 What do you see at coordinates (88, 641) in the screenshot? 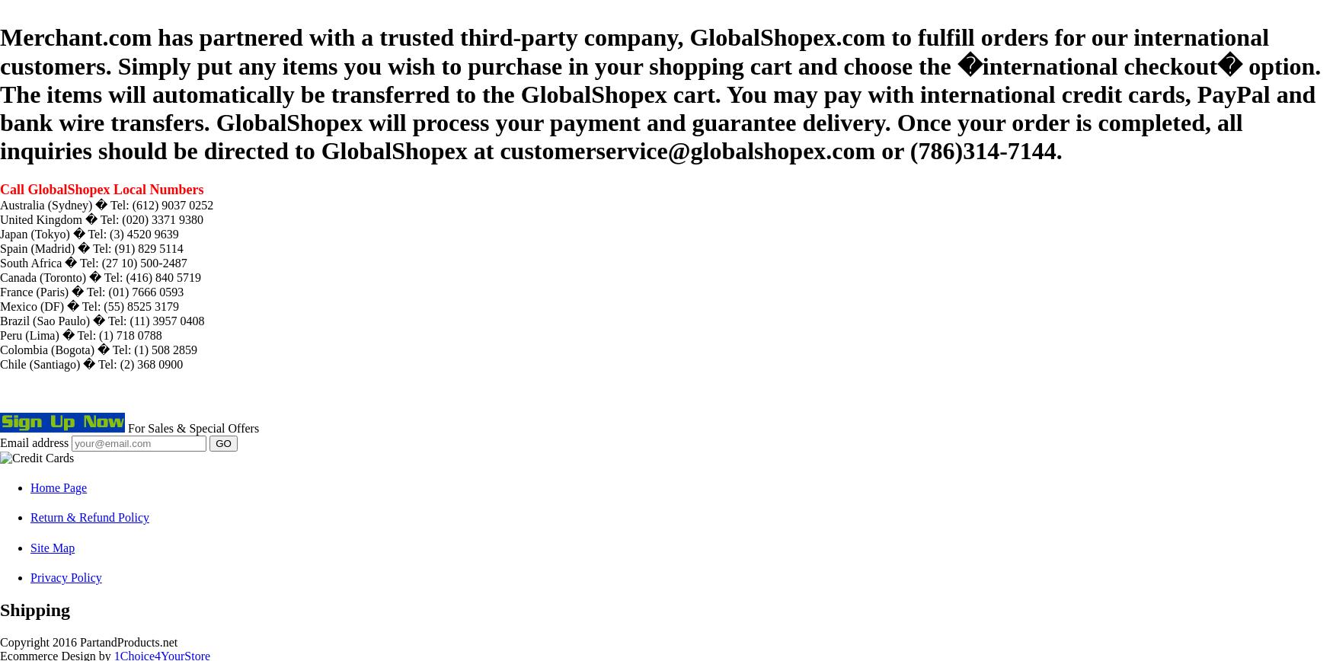
I see `'Copyright 2016 PartandProducts.net'` at bounding box center [88, 641].